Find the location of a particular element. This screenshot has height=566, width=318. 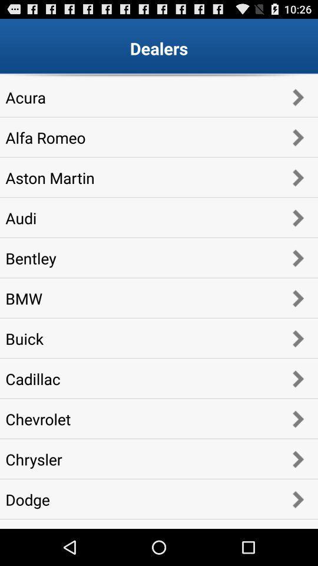

the button which is next to the cadillac is located at coordinates (297, 378).